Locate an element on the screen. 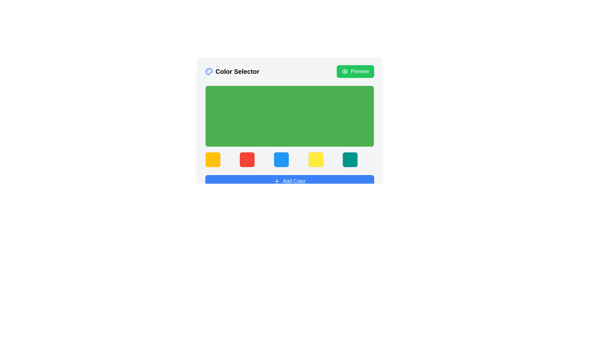 This screenshot has height=345, width=614. the add icon located to the left of the 'Add Color' text within the blue button at the bottom-center of the interface is located at coordinates (277, 181).